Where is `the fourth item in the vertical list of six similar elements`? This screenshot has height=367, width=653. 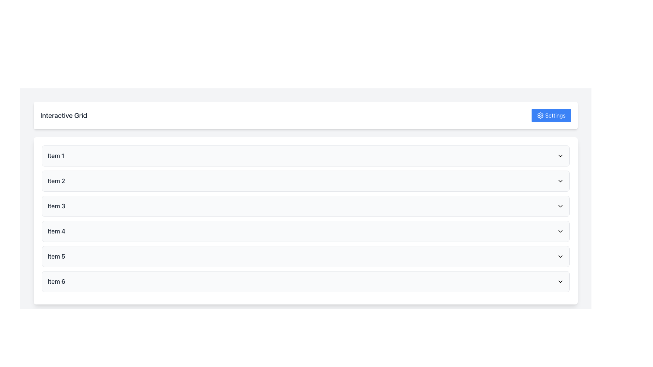 the fourth item in the vertical list of six similar elements is located at coordinates (305, 231).